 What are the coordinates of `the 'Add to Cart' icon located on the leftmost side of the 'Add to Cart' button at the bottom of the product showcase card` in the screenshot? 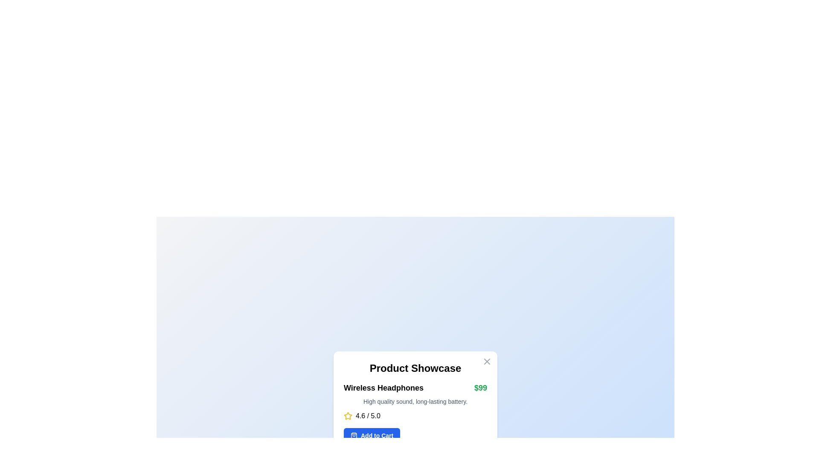 It's located at (354, 435).